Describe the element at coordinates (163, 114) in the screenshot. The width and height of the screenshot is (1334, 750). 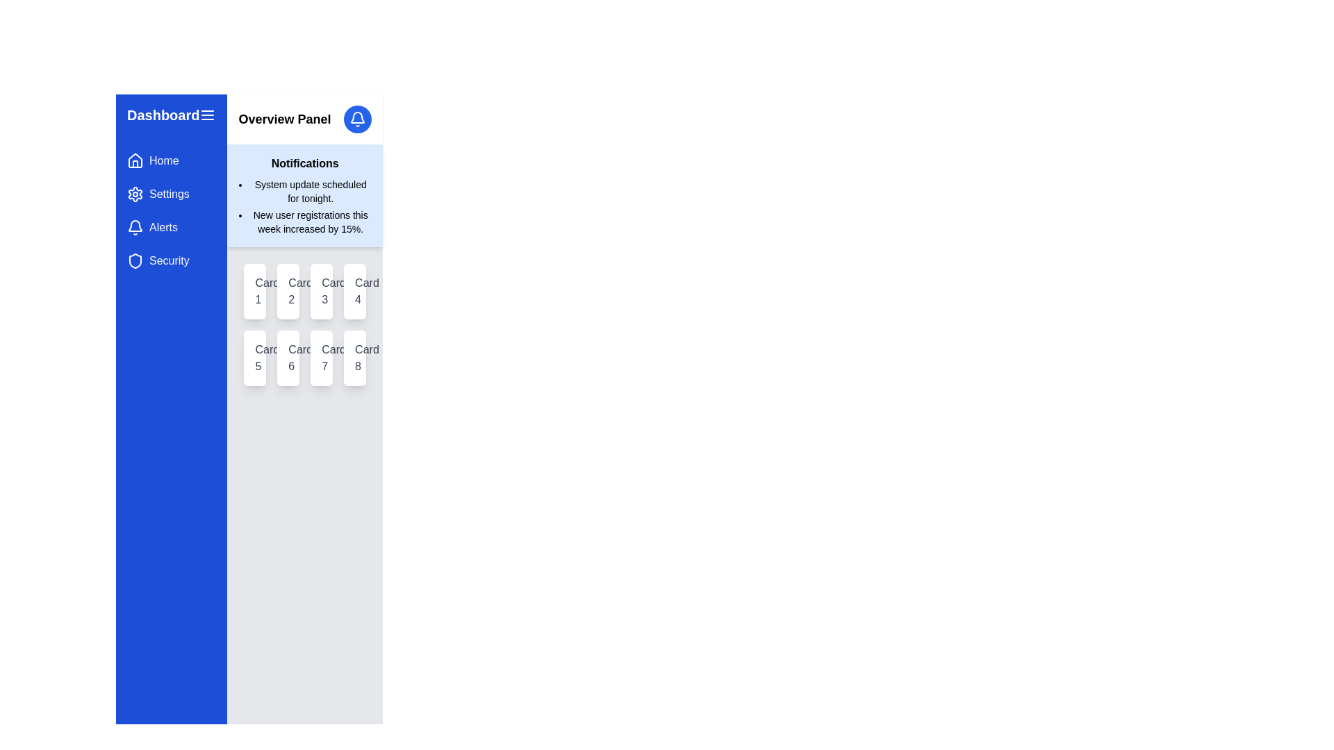
I see `the 'Dashboard' text label, which is a bold and large font label with a blue background located at the top of the left sidebar menu` at that location.